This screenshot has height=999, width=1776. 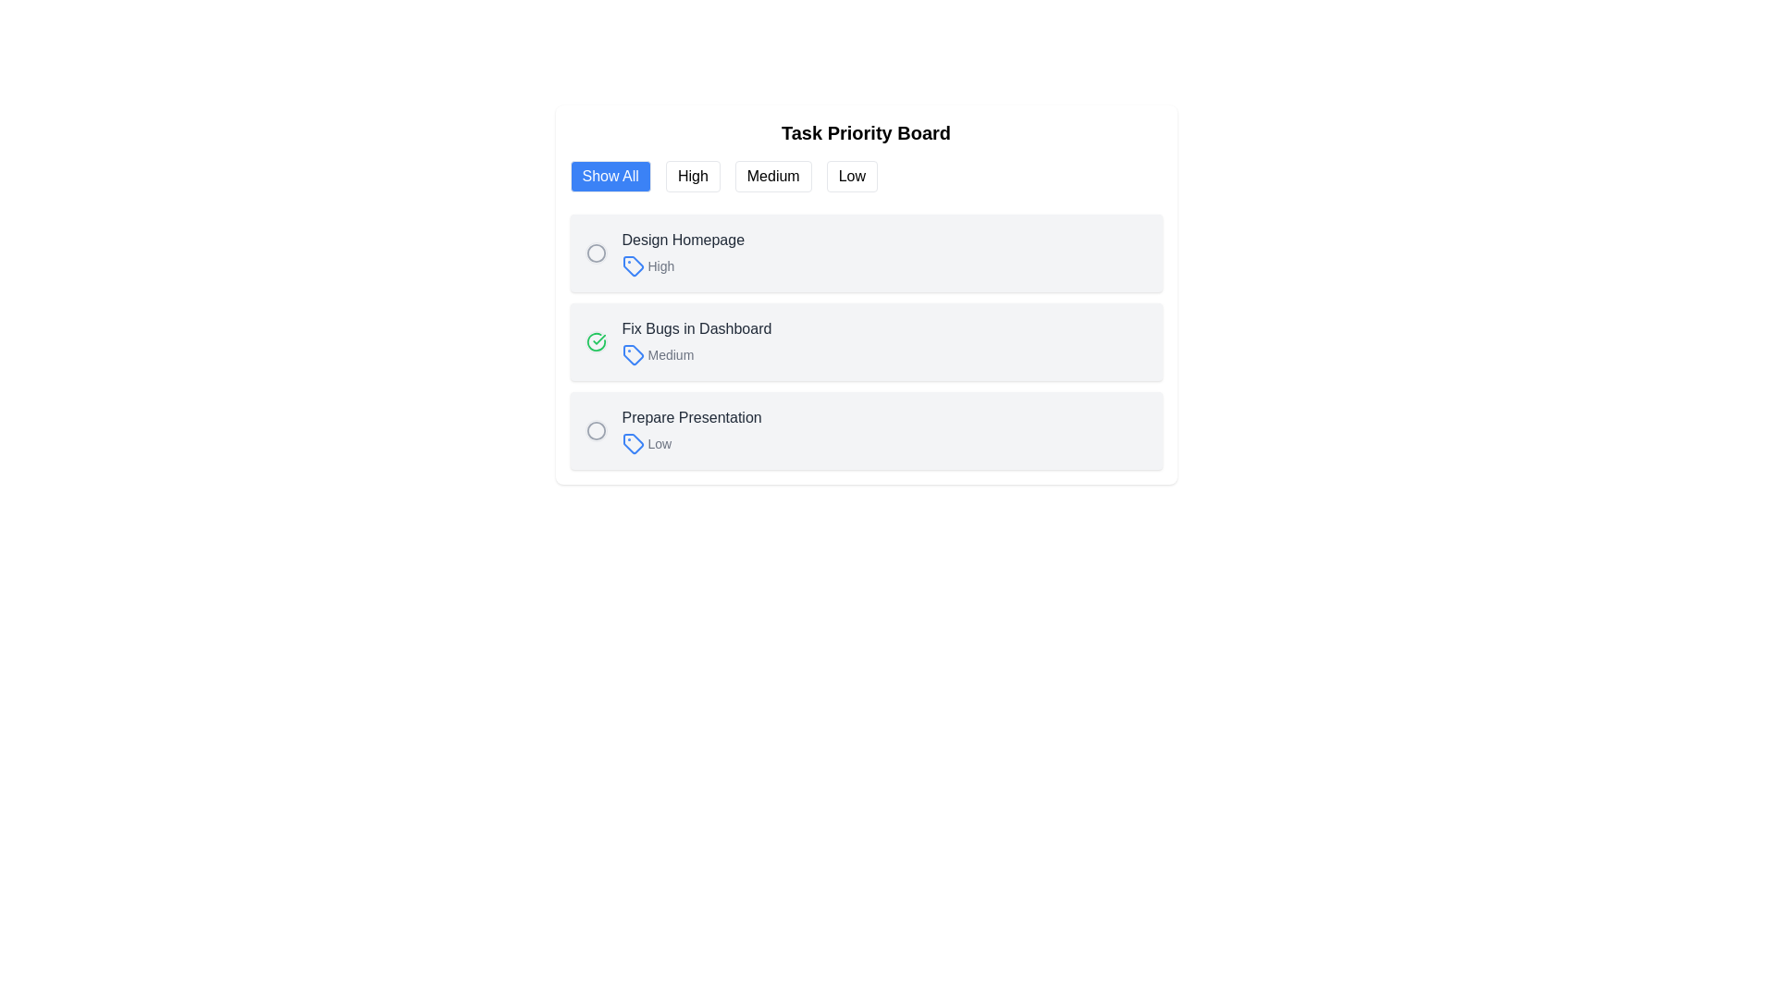 What do you see at coordinates (596, 342) in the screenshot?
I see `the Checkbox with a green checkmark icon indicating completion in the task list for 'Fix Bugs in Dashboard'` at bounding box center [596, 342].